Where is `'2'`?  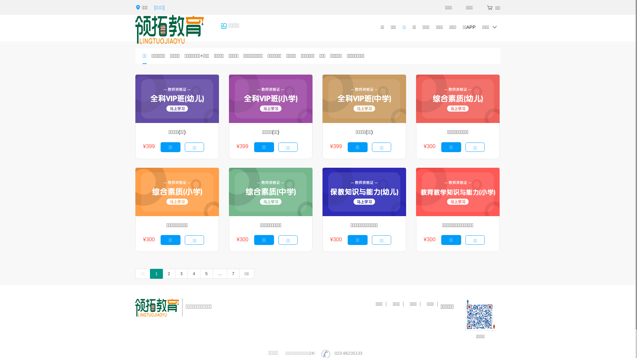 '2' is located at coordinates (169, 273).